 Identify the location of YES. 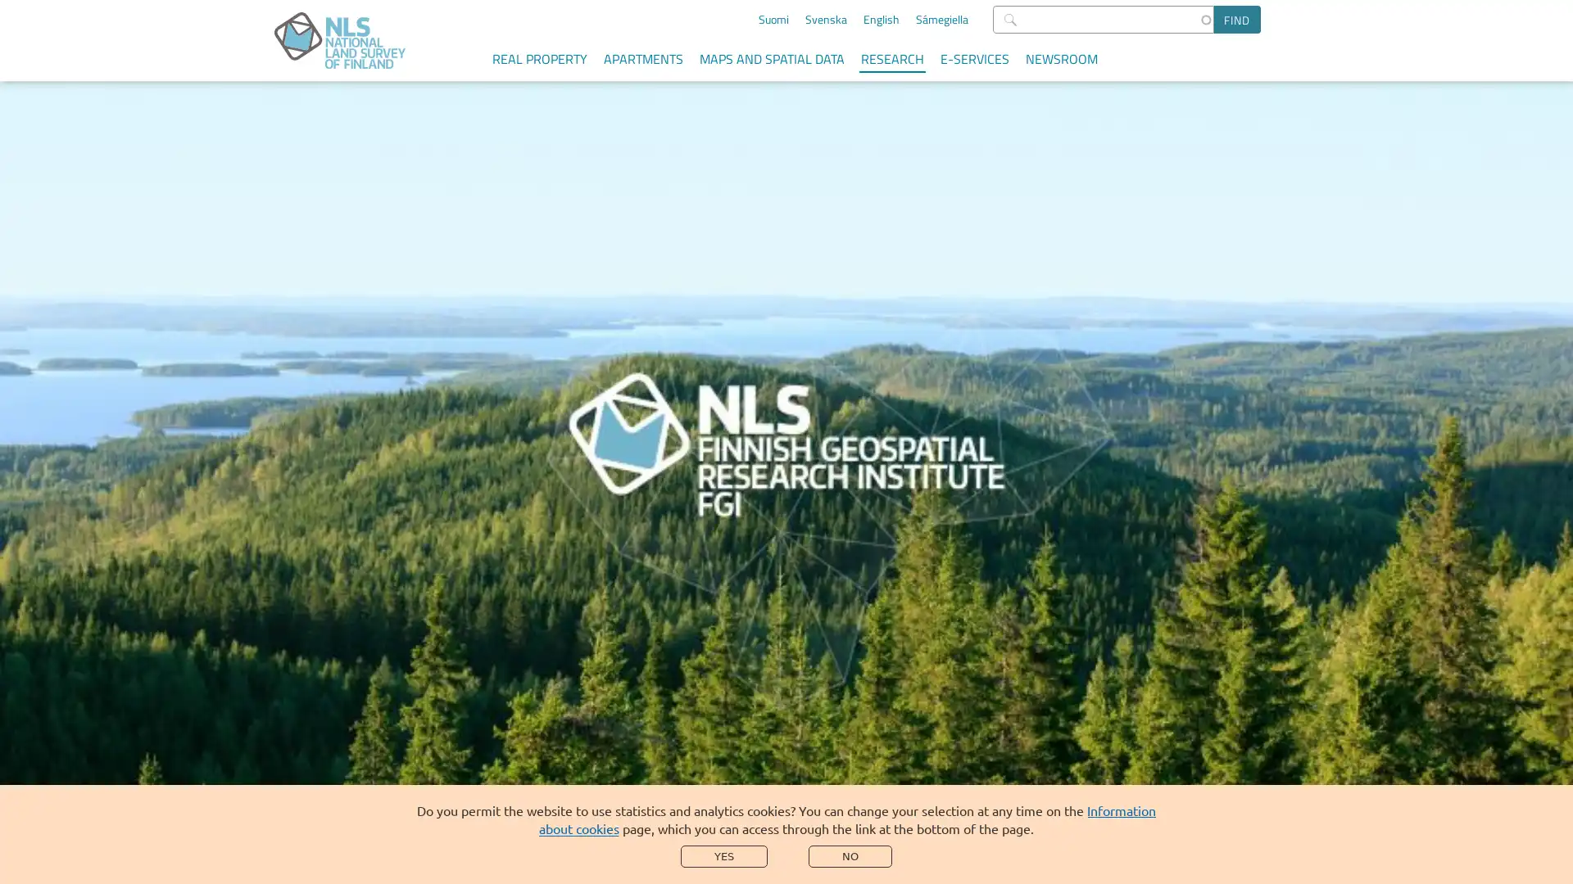
(723, 855).